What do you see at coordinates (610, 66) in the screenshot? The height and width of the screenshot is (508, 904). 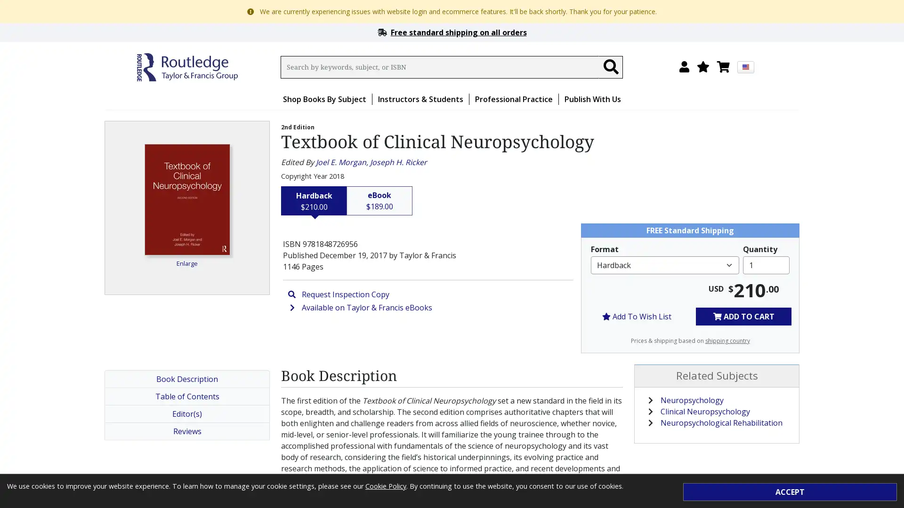 I see `Search` at bounding box center [610, 66].